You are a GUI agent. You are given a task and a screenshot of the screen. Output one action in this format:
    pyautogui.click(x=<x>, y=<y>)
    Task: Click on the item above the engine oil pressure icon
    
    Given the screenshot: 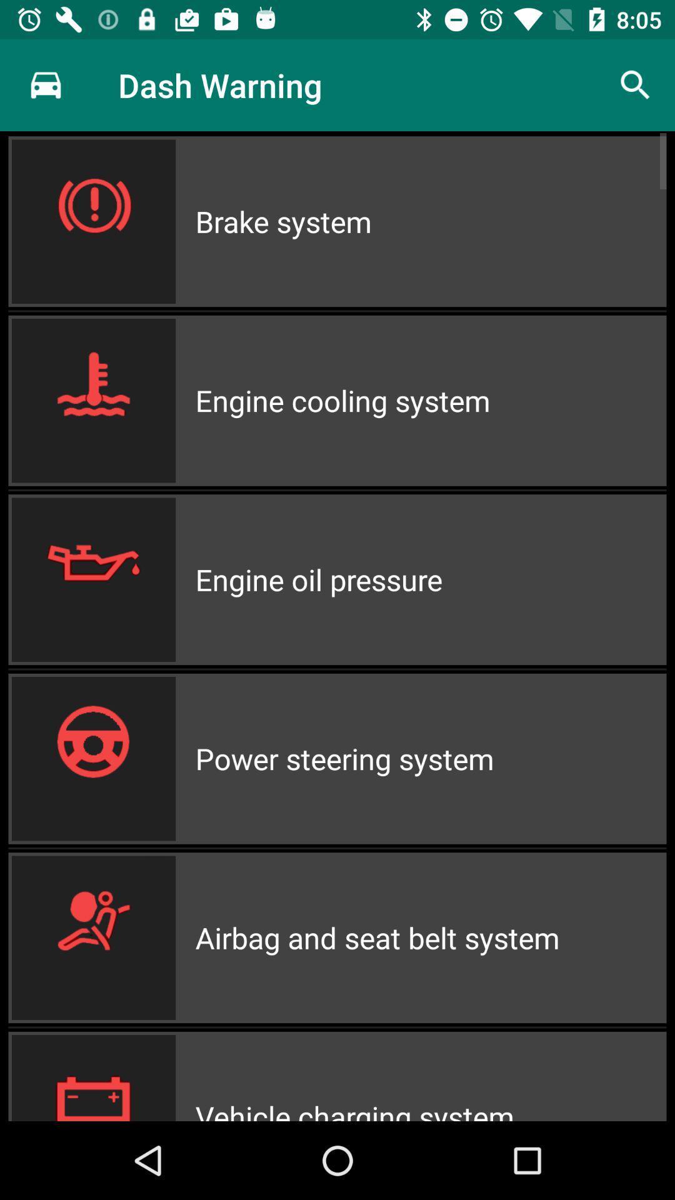 What is the action you would take?
    pyautogui.click(x=430, y=401)
    